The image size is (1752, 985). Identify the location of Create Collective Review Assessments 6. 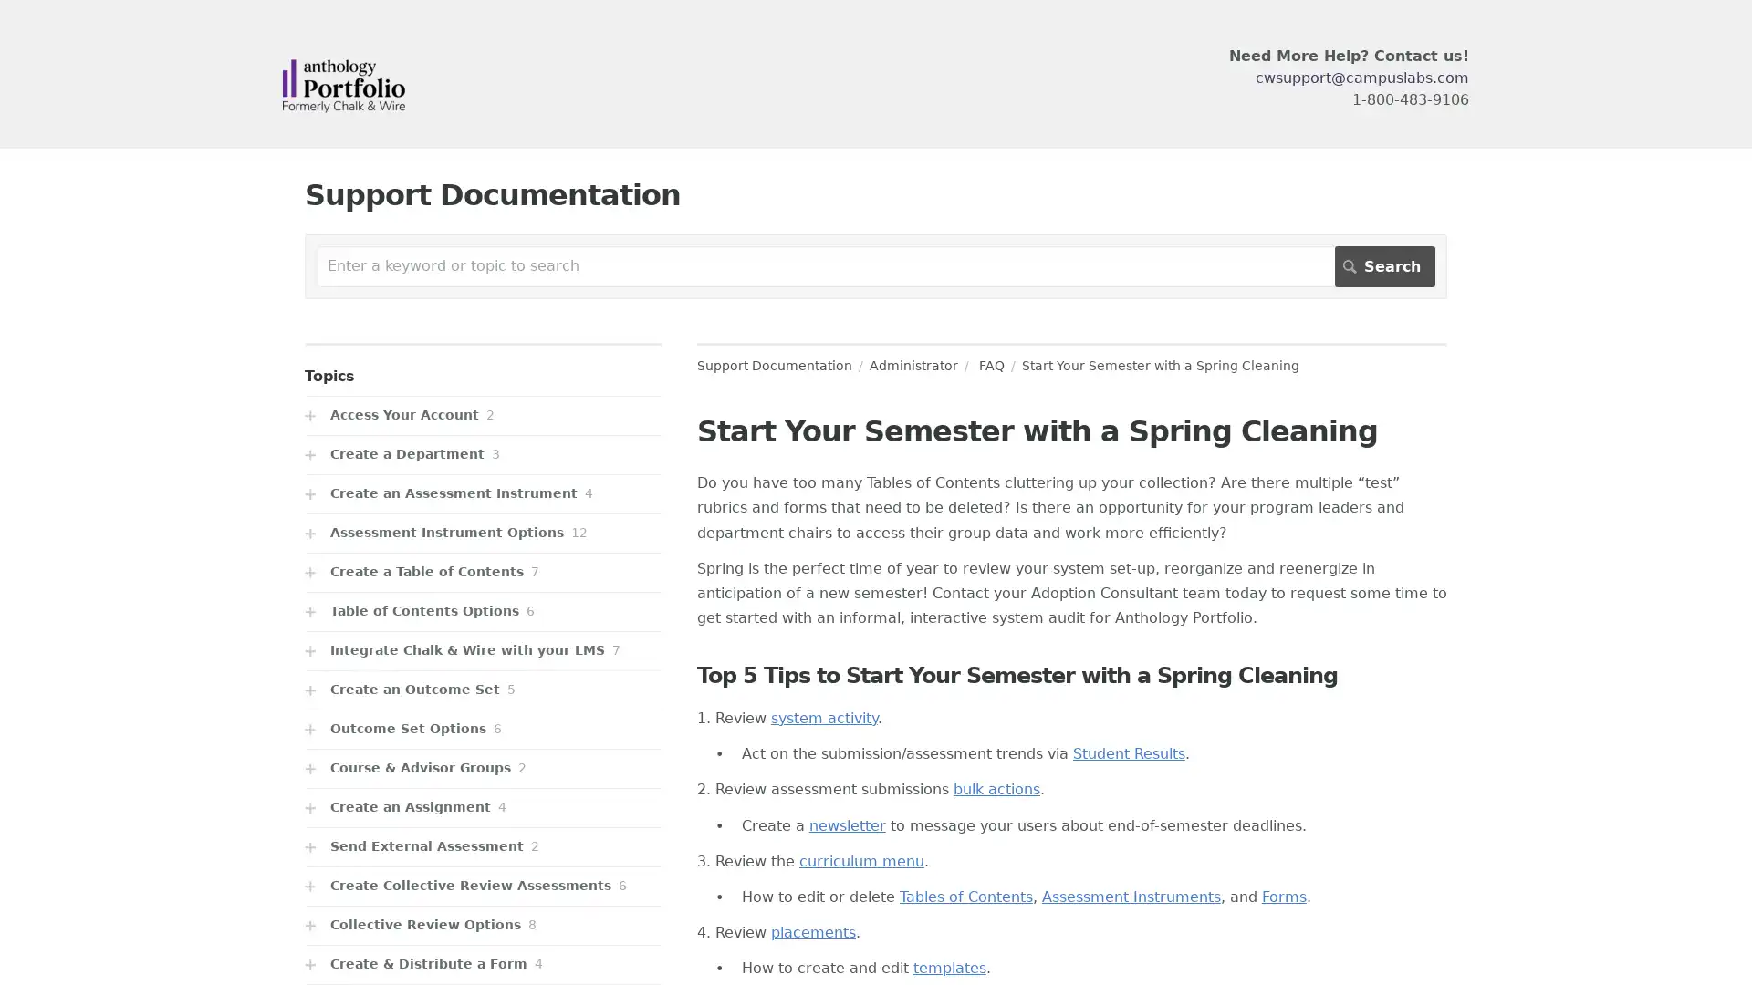
(483, 885).